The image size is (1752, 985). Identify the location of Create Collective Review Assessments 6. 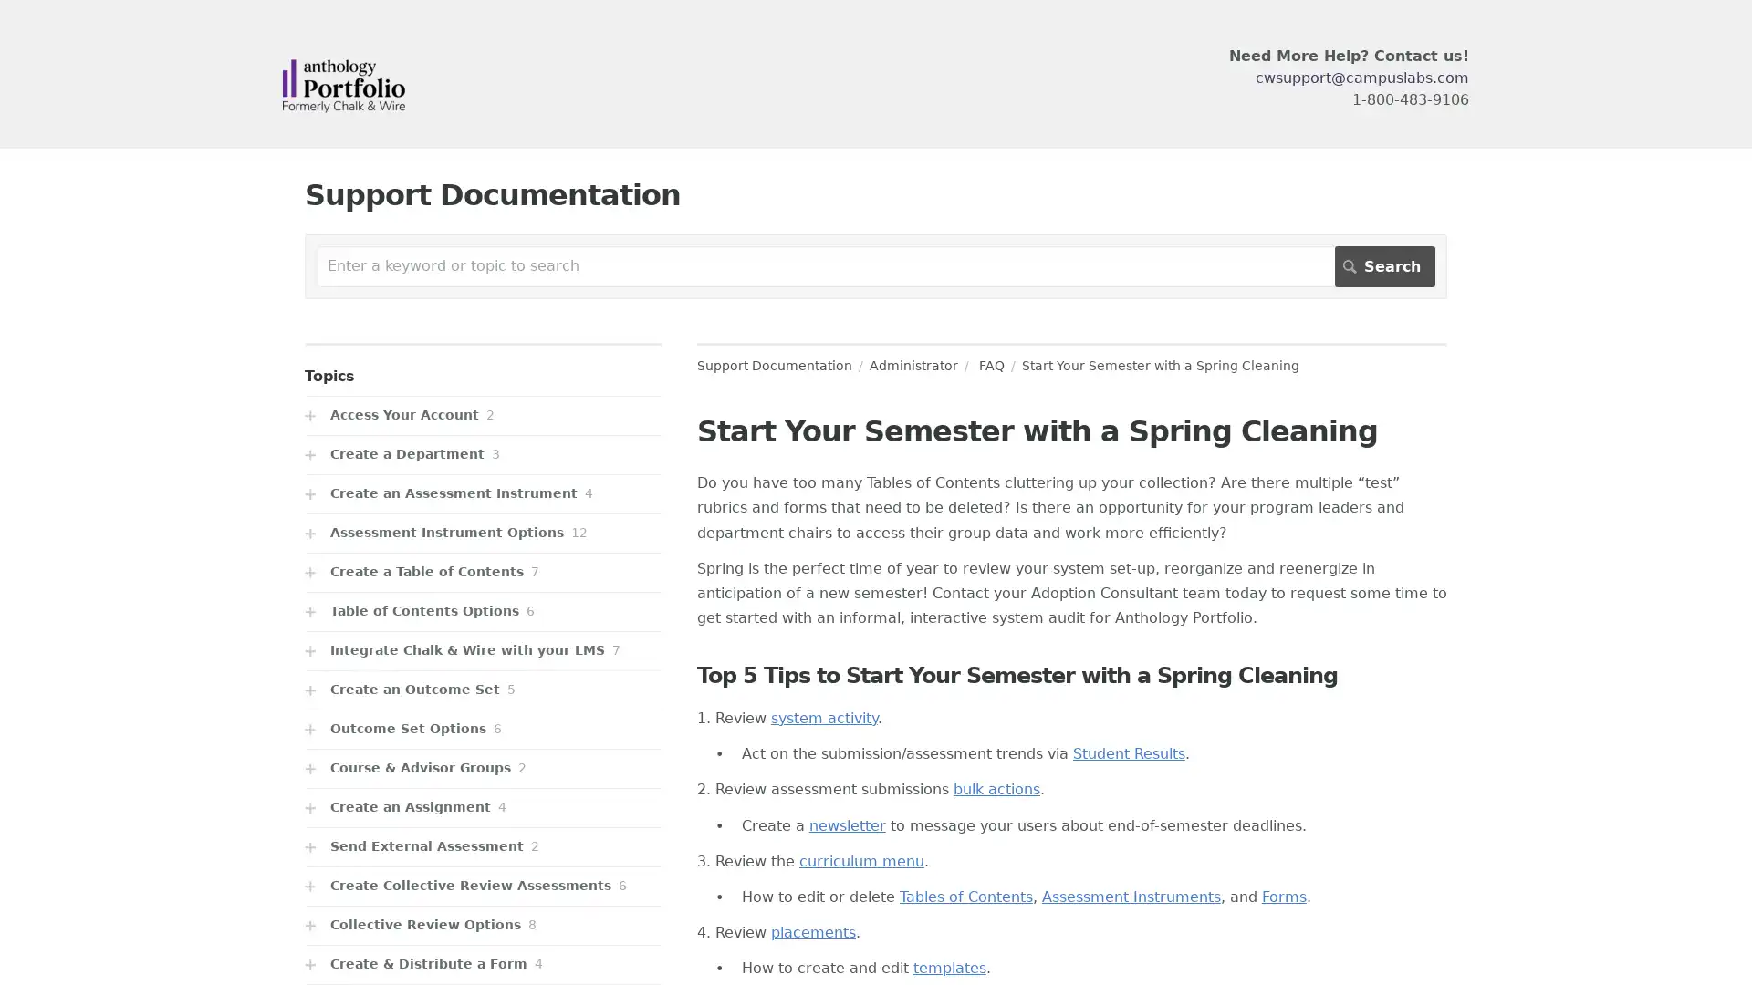
(483, 885).